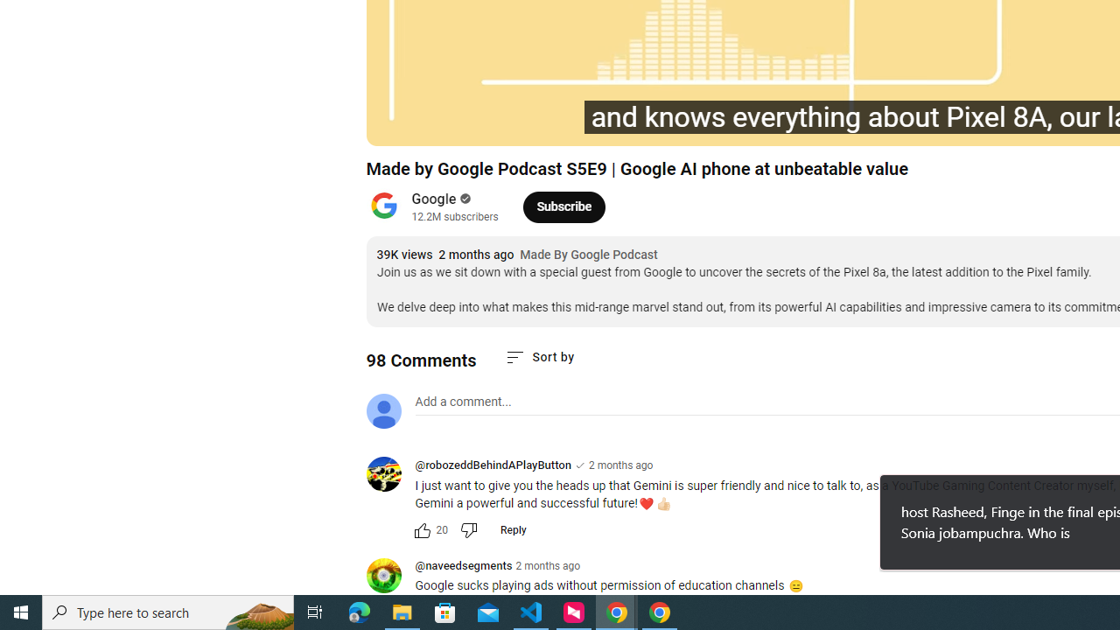 This screenshot has height=630, width=1120. I want to click on 'Sort comments', so click(538, 356).